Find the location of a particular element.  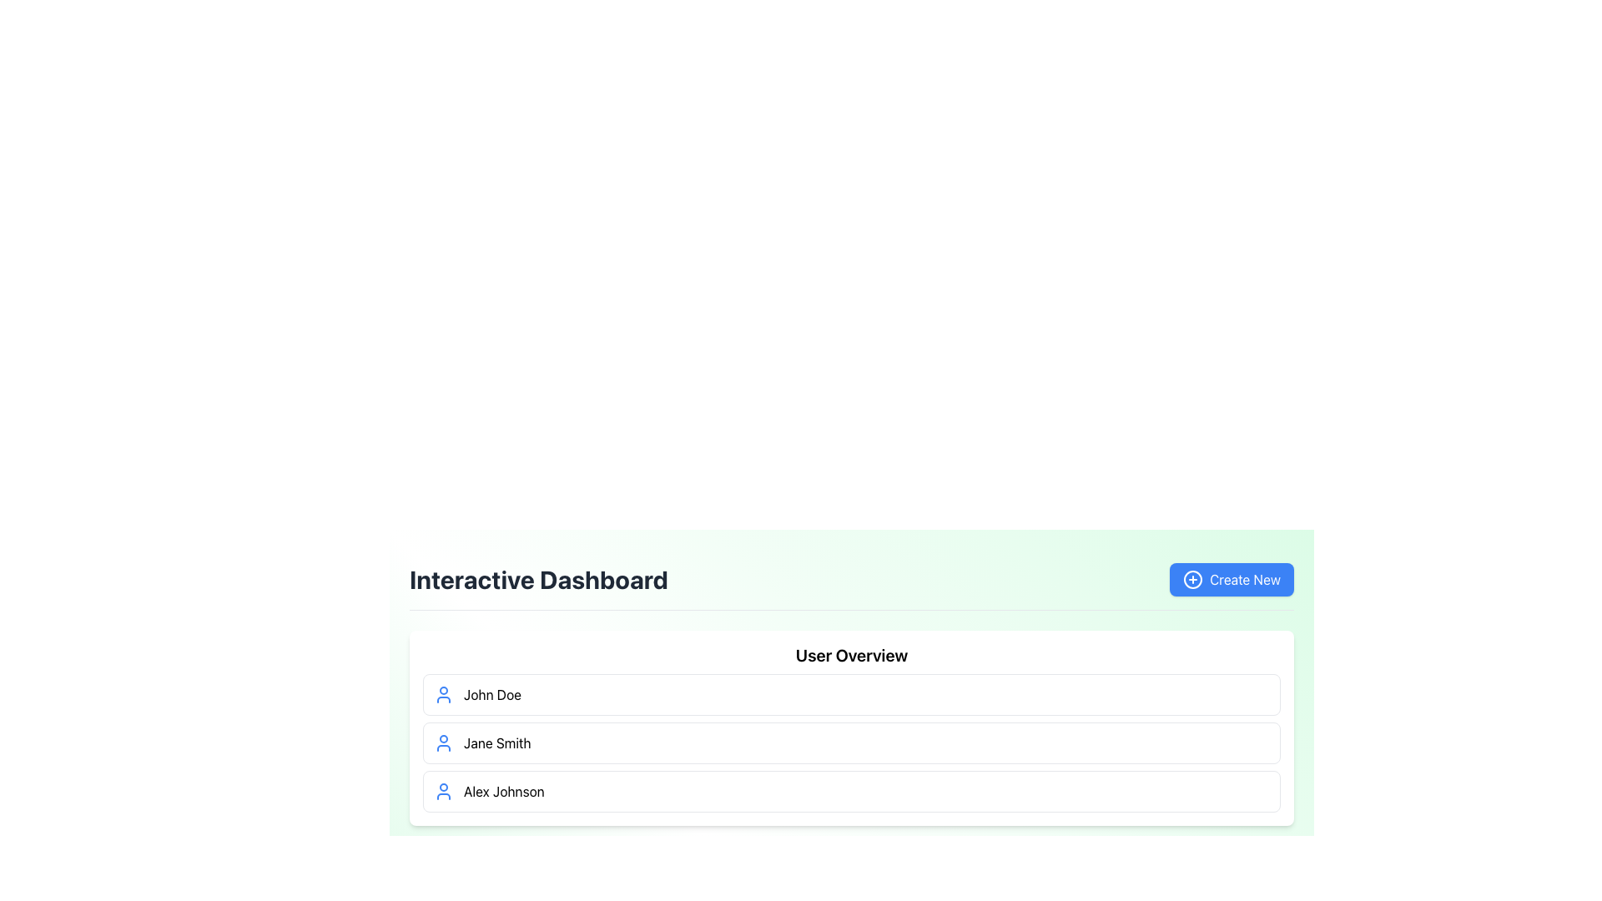

the user icon representing 'Jane Smith', located on the left side of her card in the user overview section is located at coordinates (444, 742).